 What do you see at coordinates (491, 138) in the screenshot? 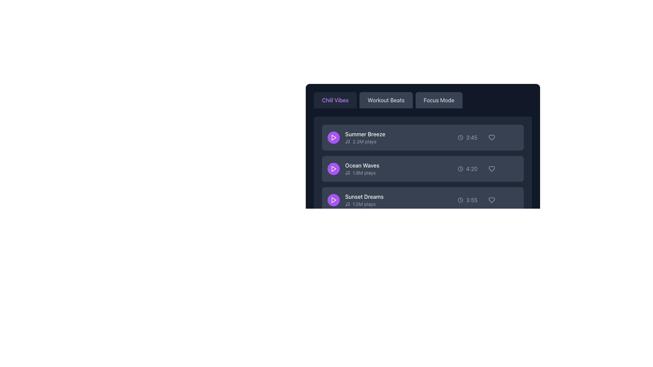
I see `the Heart Icon, which serves as a favorite or like button for the associated song entry, positioned to the far right of the first listed song entry adjacent to the song duration '3:45'` at bounding box center [491, 138].